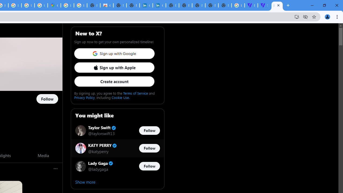 The image size is (343, 193). I want to click on 'More', so click(56, 168).